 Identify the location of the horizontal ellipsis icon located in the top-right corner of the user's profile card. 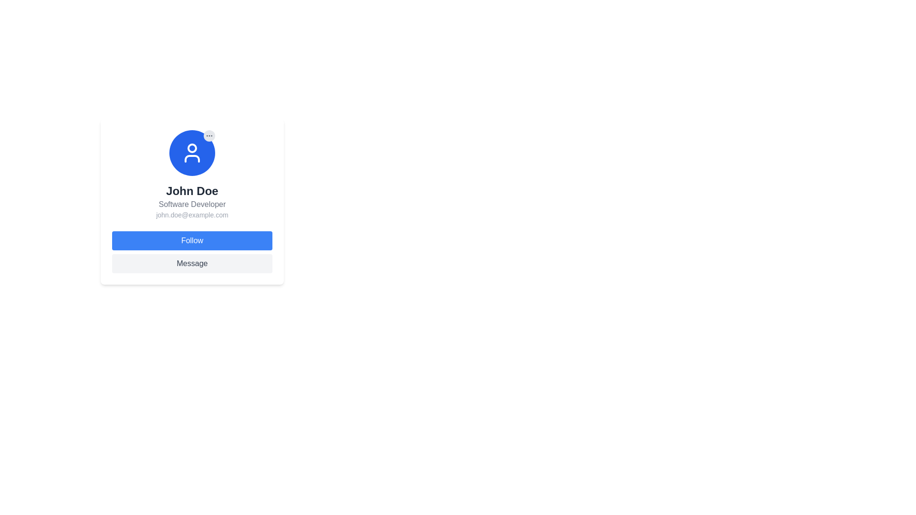
(208, 136).